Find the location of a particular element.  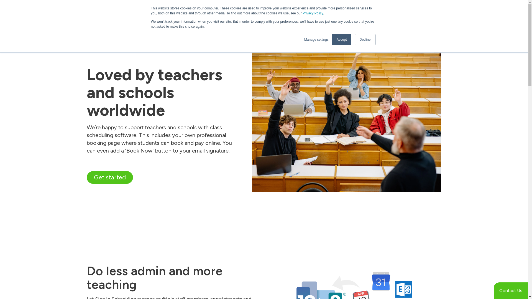

'Solutions' is located at coordinates (272, 28).